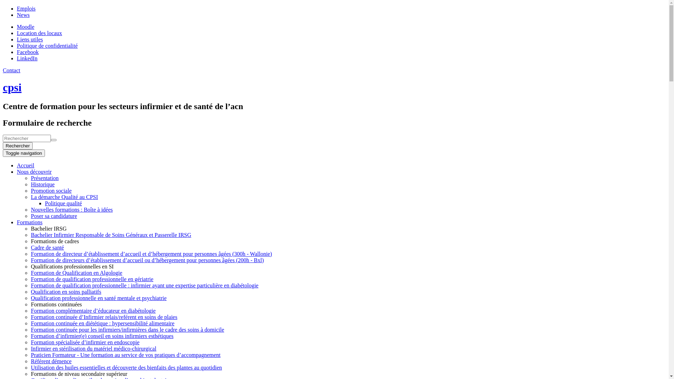 The image size is (674, 379). What do you see at coordinates (12, 87) in the screenshot?
I see `'cpsi'` at bounding box center [12, 87].